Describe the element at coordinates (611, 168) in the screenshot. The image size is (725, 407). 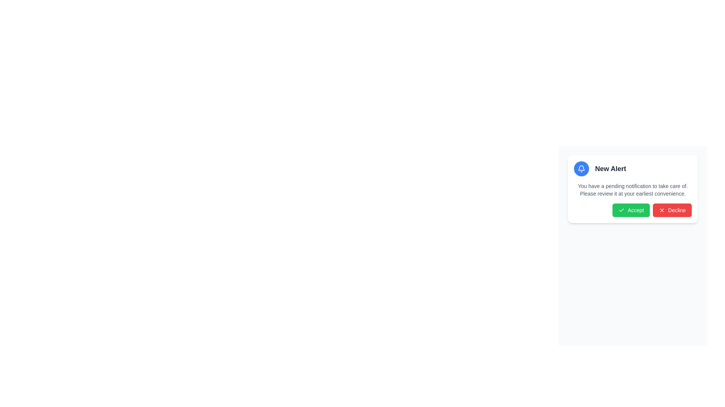
I see `the 'New Alert' text label, which is styled with a bold font and dark gray color, located prominently within the notification card on the right side` at that location.